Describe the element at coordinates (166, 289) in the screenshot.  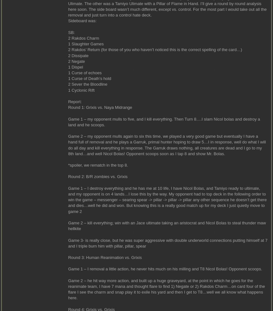
I see `'Game 2 – he hit way more action, and built up a huge graveyard, at the point in which he goes for the reanimate team, I have 7 mana and thought flare to find  1) Negate or 2) Rakdos Charm…on card four of the flare I see the charm and snap play it to exile his yard and then I get to T8…well we all know what happens here.'` at that location.